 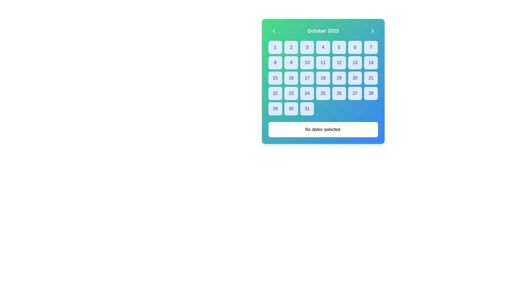 I want to click on the button representing the 13th day in the calendar grid, located in the second row and sixth column, so click(x=355, y=62).